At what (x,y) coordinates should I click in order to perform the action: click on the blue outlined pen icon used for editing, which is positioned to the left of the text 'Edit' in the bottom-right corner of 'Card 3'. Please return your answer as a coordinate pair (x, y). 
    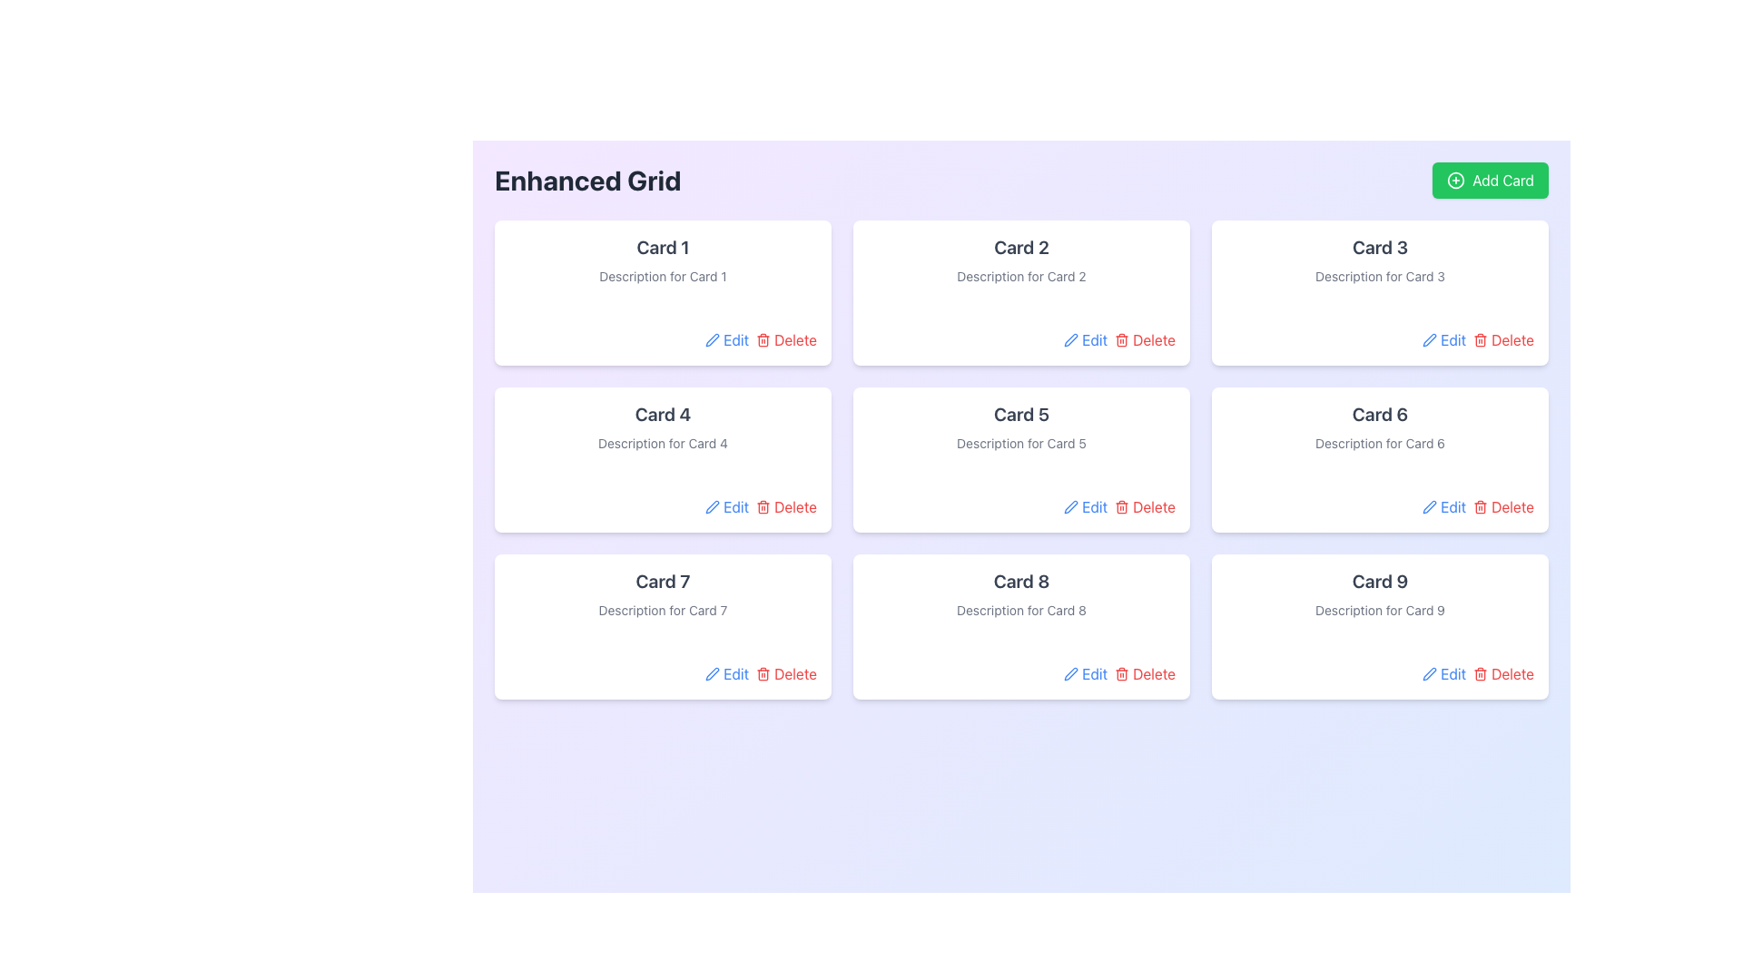
    Looking at the image, I should click on (1429, 339).